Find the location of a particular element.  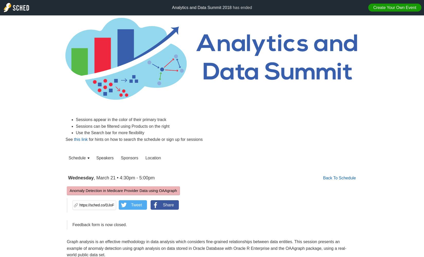

'Sessions appear in the color of their primary track' is located at coordinates (121, 119).